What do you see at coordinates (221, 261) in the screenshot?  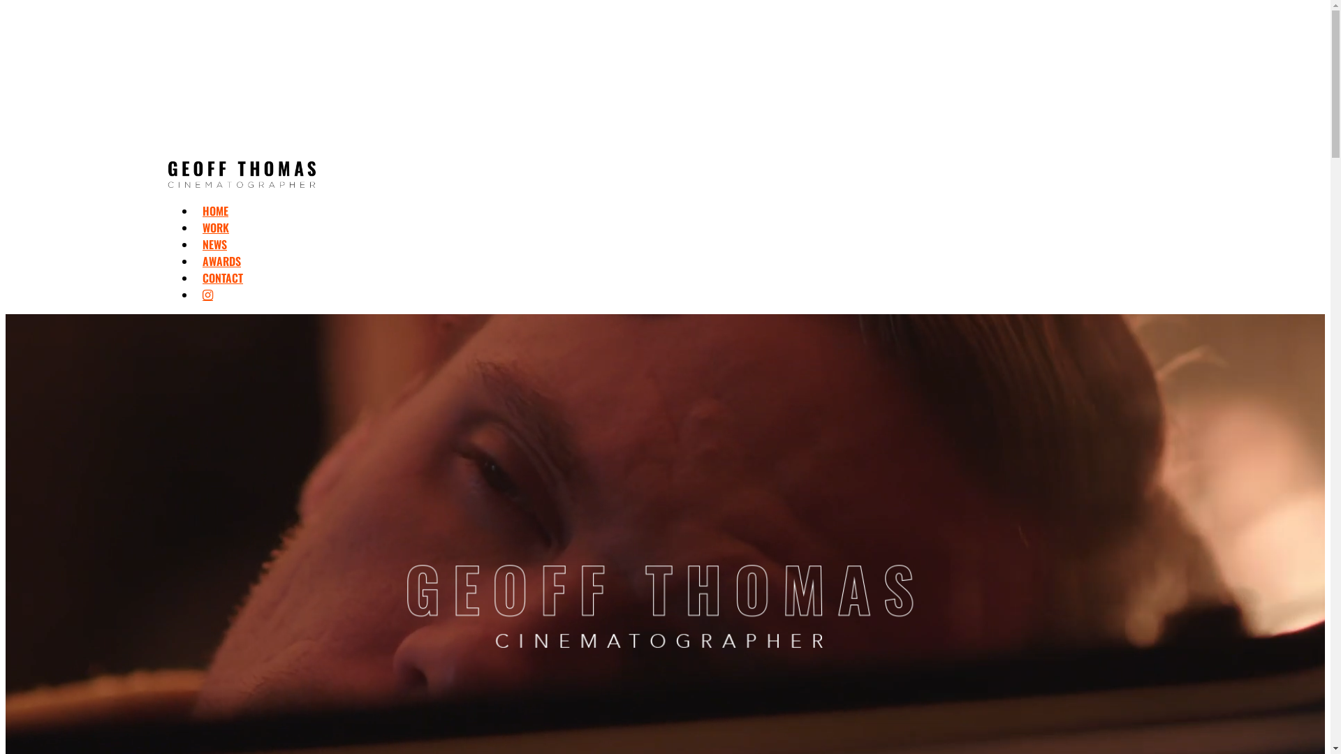 I see `'AWARDS'` at bounding box center [221, 261].